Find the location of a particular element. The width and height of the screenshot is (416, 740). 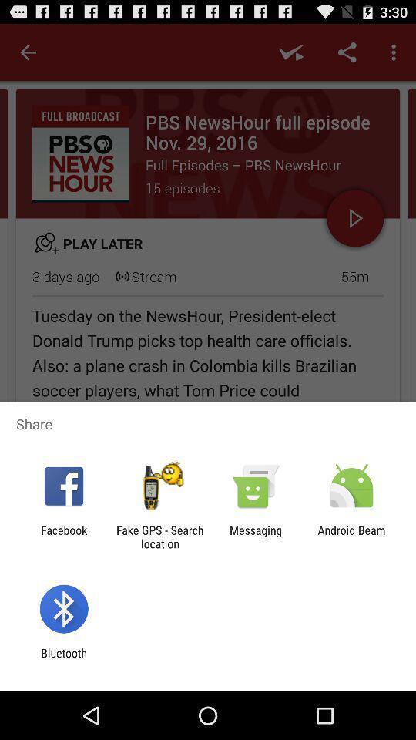

android beam icon is located at coordinates (351, 536).